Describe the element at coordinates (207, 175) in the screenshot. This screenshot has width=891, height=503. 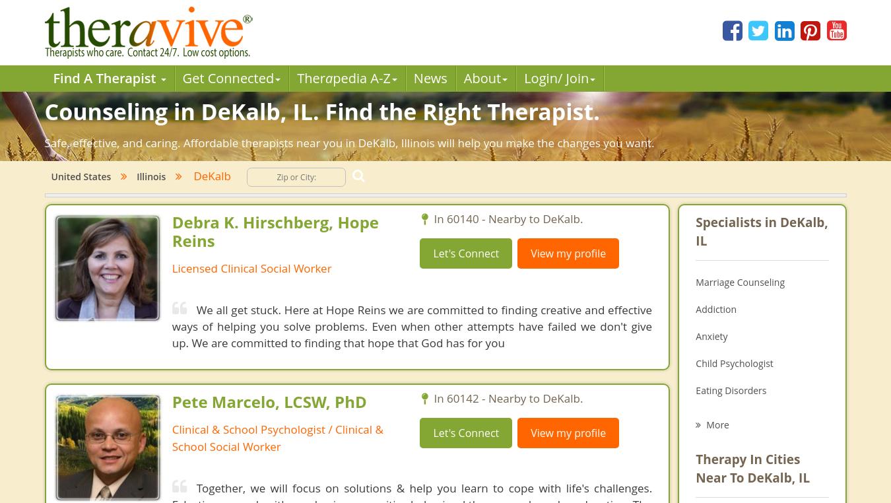
I see `'DeKalb'` at that location.